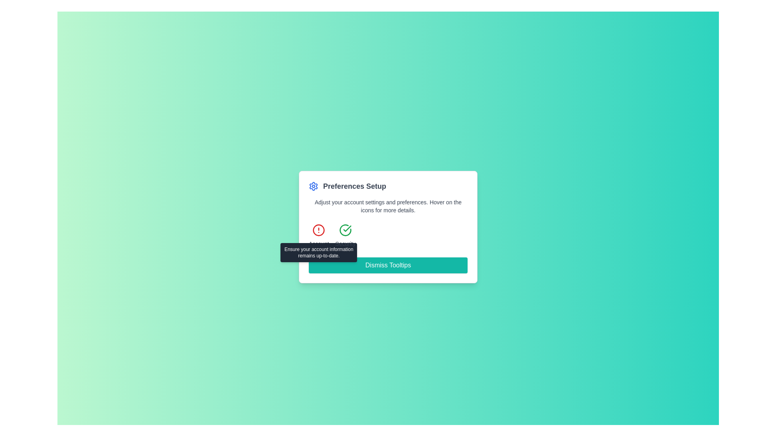  I want to click on the blue gear icon associated with settings functionality, located to the left of the 'Preferences Setup' heading, so click(313, 186).